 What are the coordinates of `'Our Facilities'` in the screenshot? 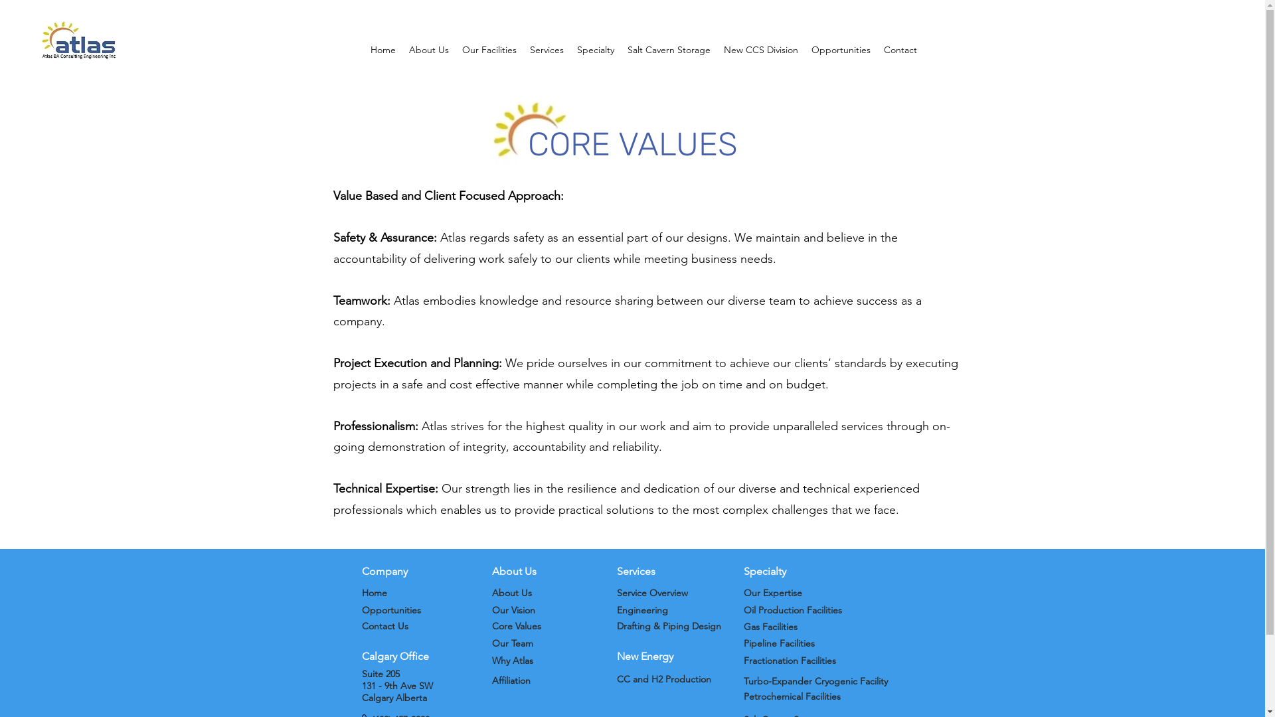 It's located at (489, 48).